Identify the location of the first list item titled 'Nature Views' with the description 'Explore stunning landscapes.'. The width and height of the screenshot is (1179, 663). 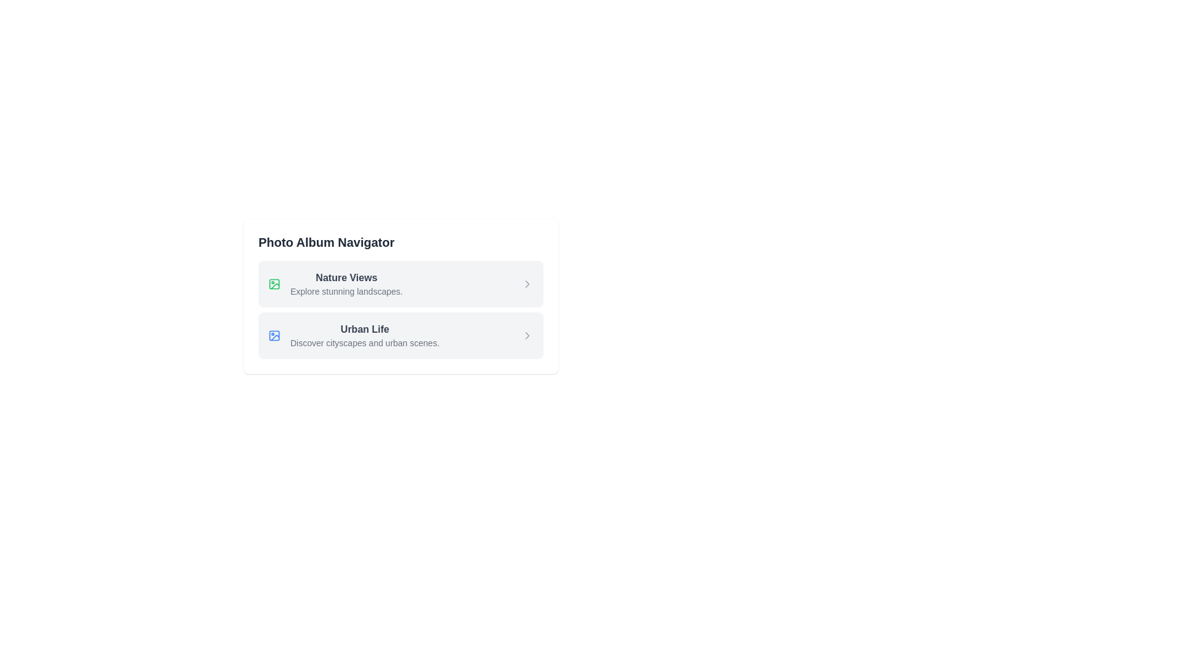
(346, 284).